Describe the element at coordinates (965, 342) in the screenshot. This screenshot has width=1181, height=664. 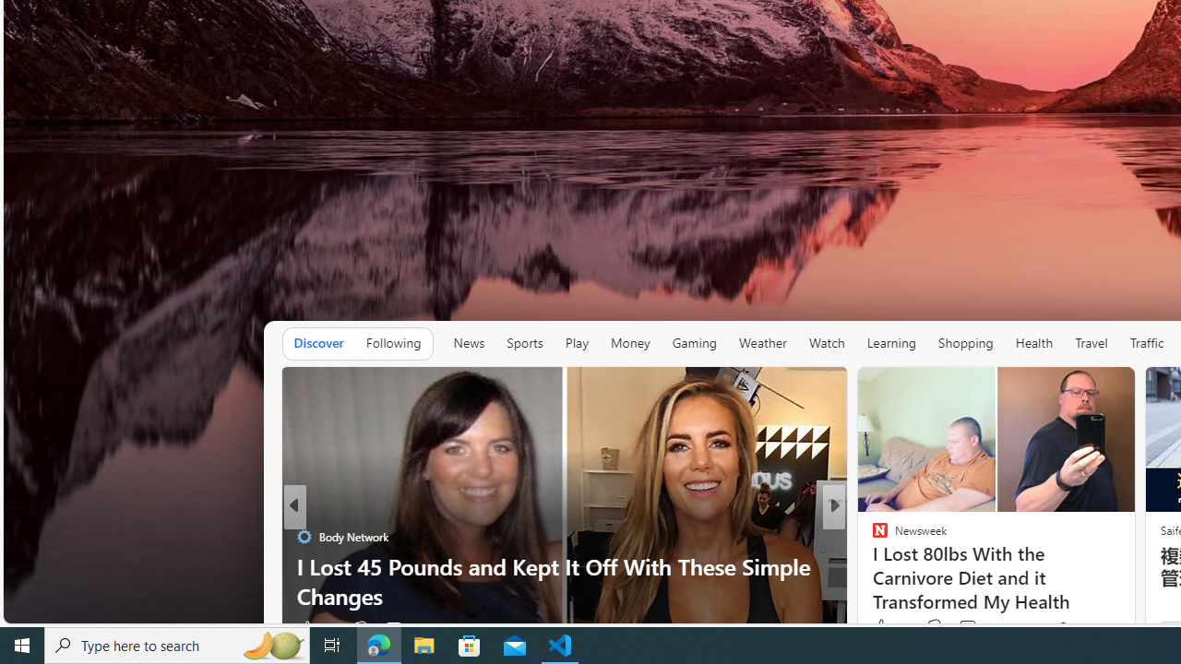
I see `'Shopping'` at that location.